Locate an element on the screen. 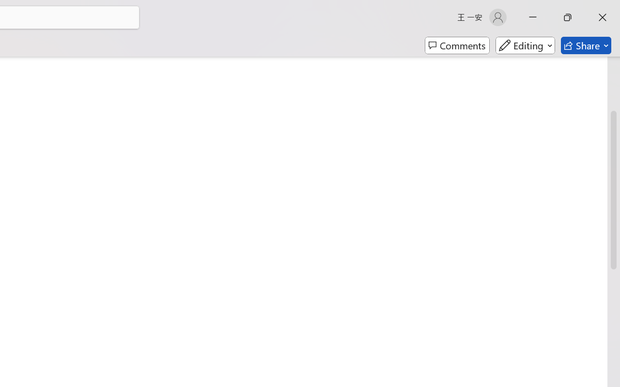  'Close' is located at coordinates (602, 17).